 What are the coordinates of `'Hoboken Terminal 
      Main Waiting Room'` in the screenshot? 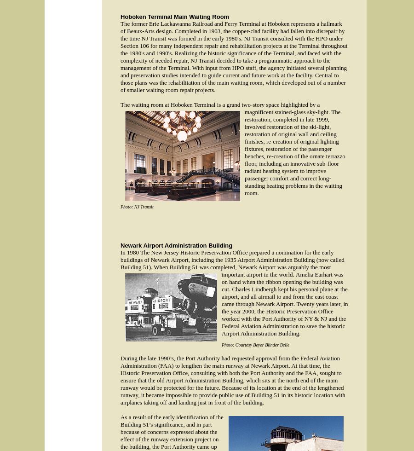 It's located at (174, 17).